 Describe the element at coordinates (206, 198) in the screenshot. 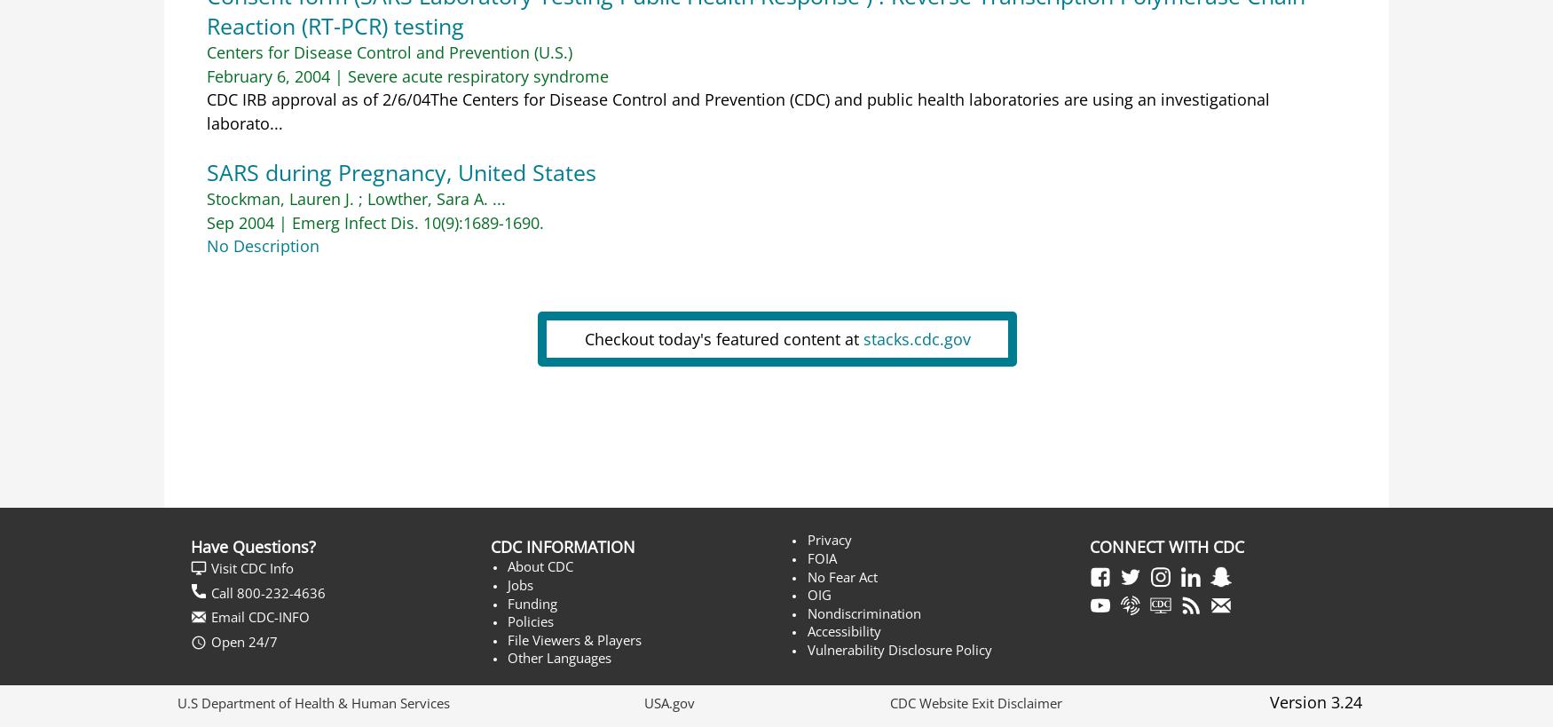

I see `'Stockman, Lauren J.'` at that location.